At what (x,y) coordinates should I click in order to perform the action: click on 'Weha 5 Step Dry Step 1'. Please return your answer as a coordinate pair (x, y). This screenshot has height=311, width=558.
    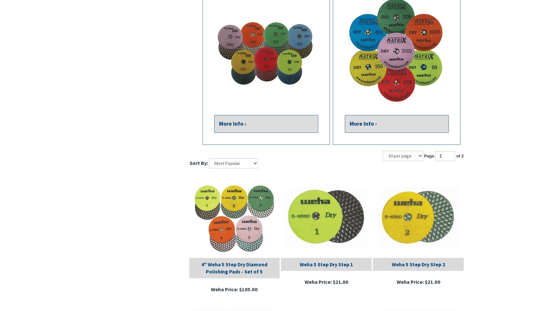
    Looking at the image, I should click on (299, 264).